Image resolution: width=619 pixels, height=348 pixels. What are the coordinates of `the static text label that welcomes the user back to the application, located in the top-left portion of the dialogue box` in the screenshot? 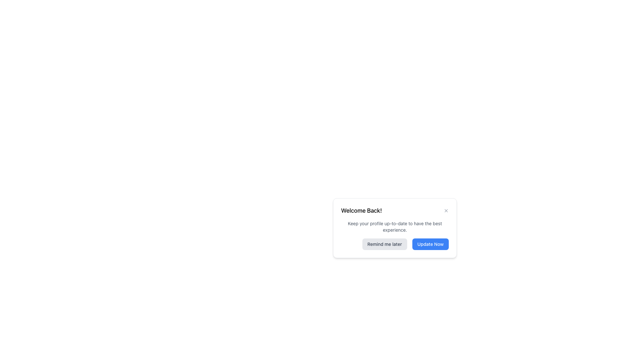 It's located at (361, 211).